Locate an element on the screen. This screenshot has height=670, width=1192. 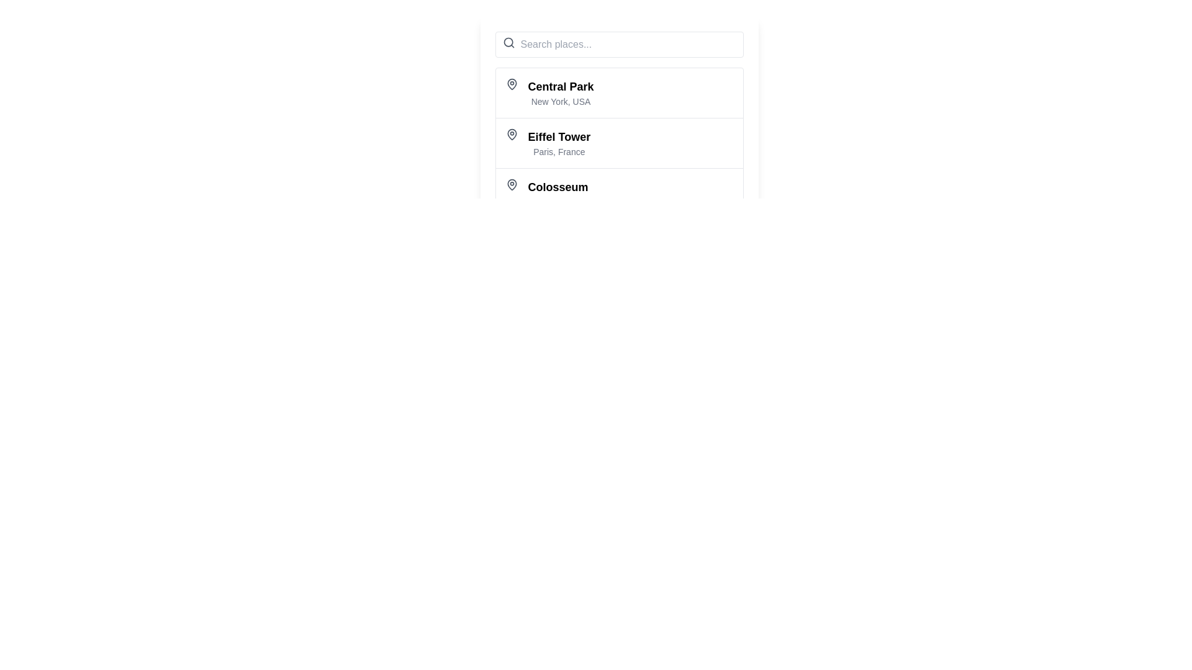
the text display area showing 'ColosseumRome, Italy' is located at coordinates (557, 194).